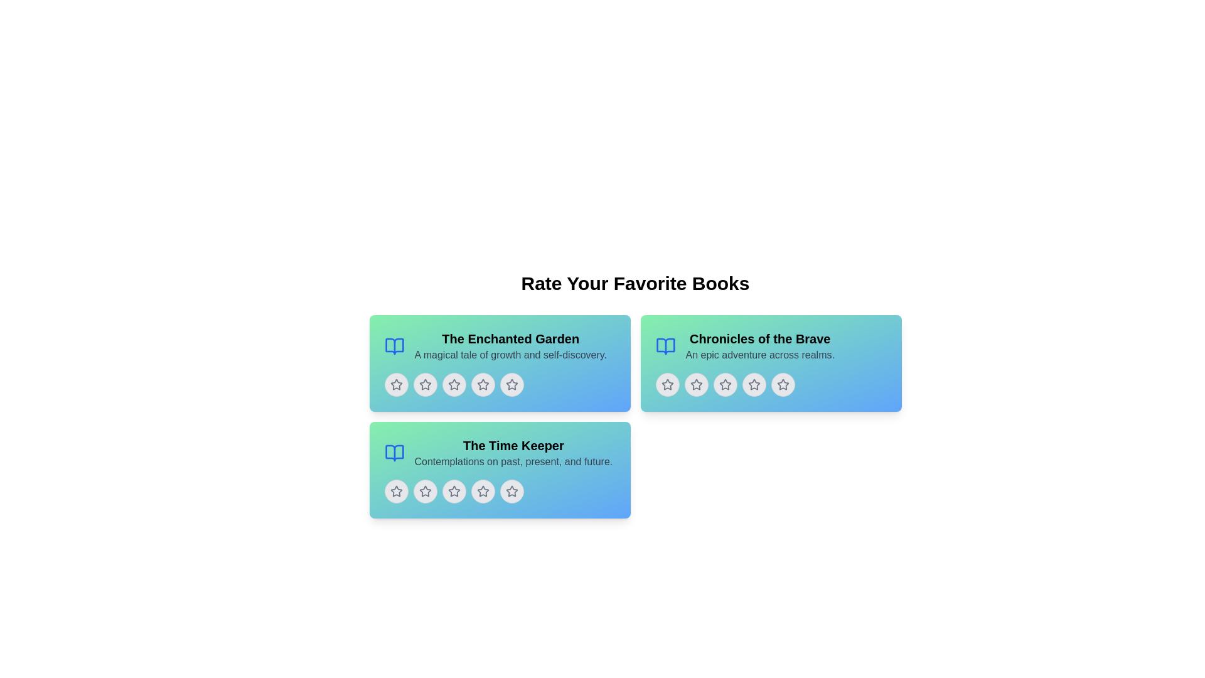 Image resolution: width=1205 pixels, height=678 pixels. What do you see at coordinates (782, 384) in the screenshot?
I see `the fifth star icon in the second row of the rating section under the header 'Chronicles of the Brave'` at bounding box center [782, 384].